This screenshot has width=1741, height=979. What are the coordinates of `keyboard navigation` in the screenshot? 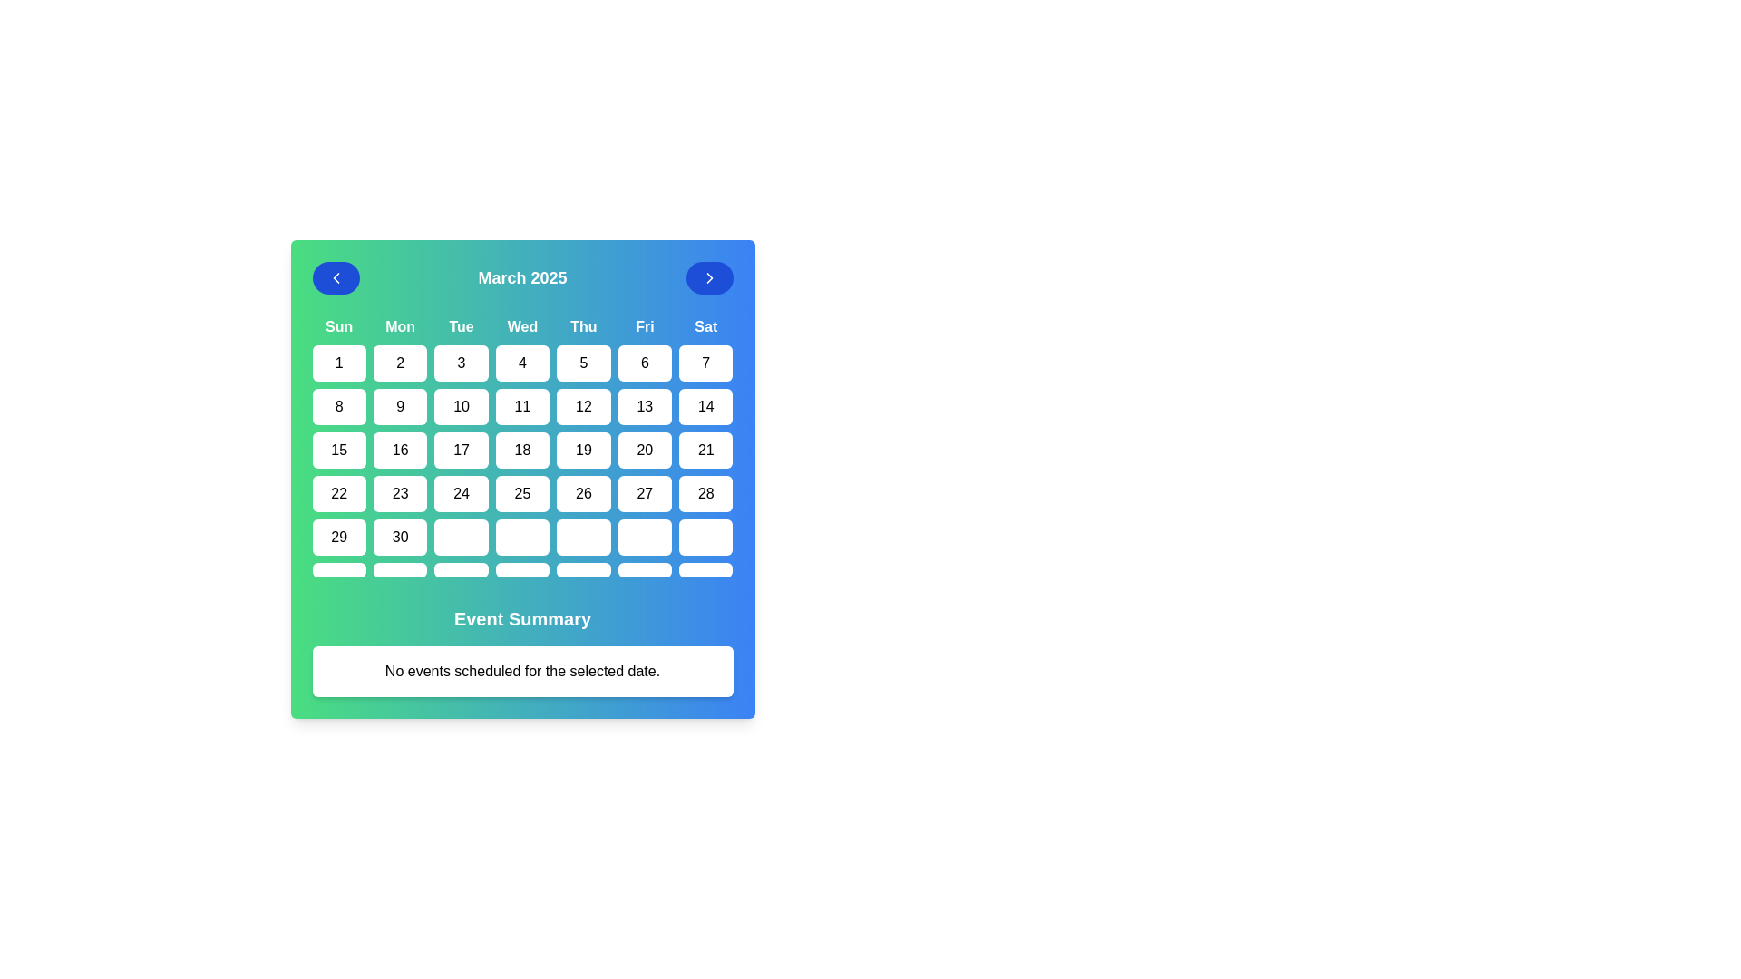 It's located at (583, 493).